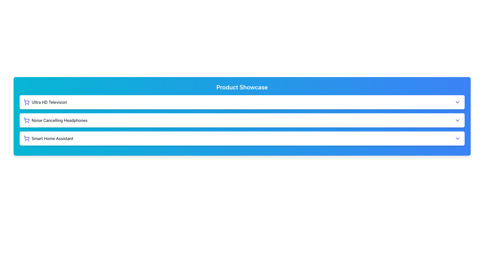 The height and width of the screenshot is (272, 483). What do you see at coordinates (59, 120) in the screenshot?
I see `the Text Label that describes 'Noise Cancelling Headphones', which is located in the second row of a product listing interface` at bounding box center [59, 120].